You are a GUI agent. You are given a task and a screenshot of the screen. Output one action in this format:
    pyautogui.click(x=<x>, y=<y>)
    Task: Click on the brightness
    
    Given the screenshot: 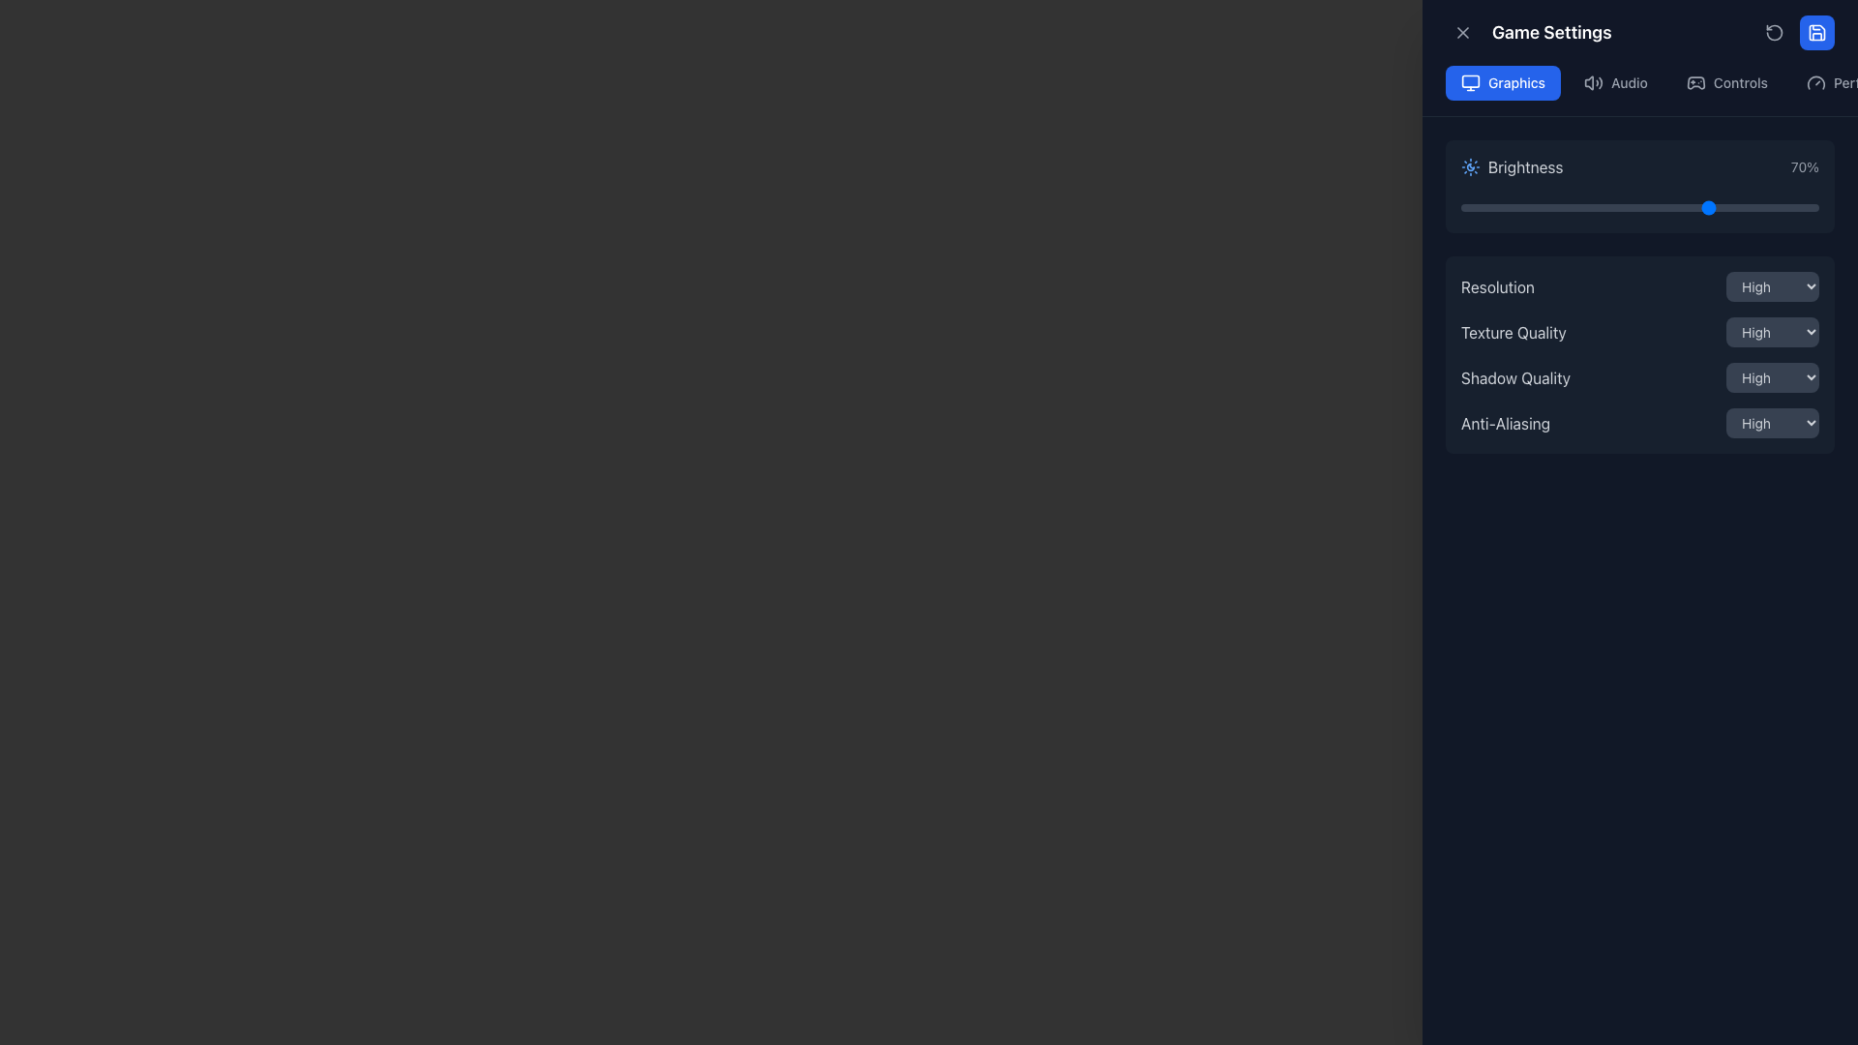 What is the action you would take?
    pyautogui.click(x=1811, y=208)
    